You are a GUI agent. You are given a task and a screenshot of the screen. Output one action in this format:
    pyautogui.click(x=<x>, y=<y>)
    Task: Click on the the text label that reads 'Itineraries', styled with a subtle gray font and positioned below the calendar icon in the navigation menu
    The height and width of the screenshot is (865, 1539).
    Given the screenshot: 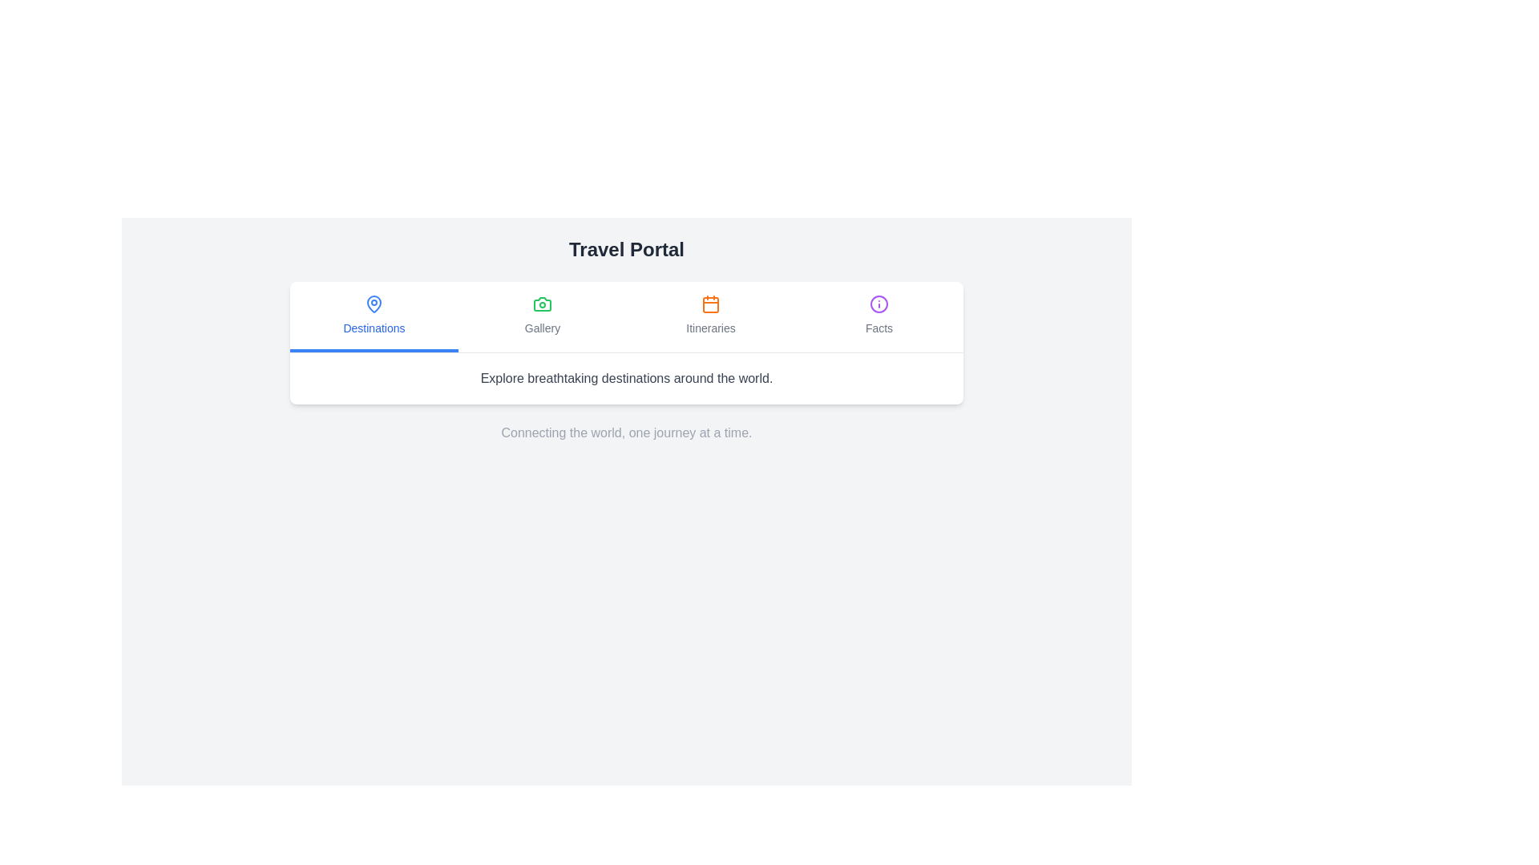 What is the action you would take?
    pyautogui.click(x=710, y=327)
    